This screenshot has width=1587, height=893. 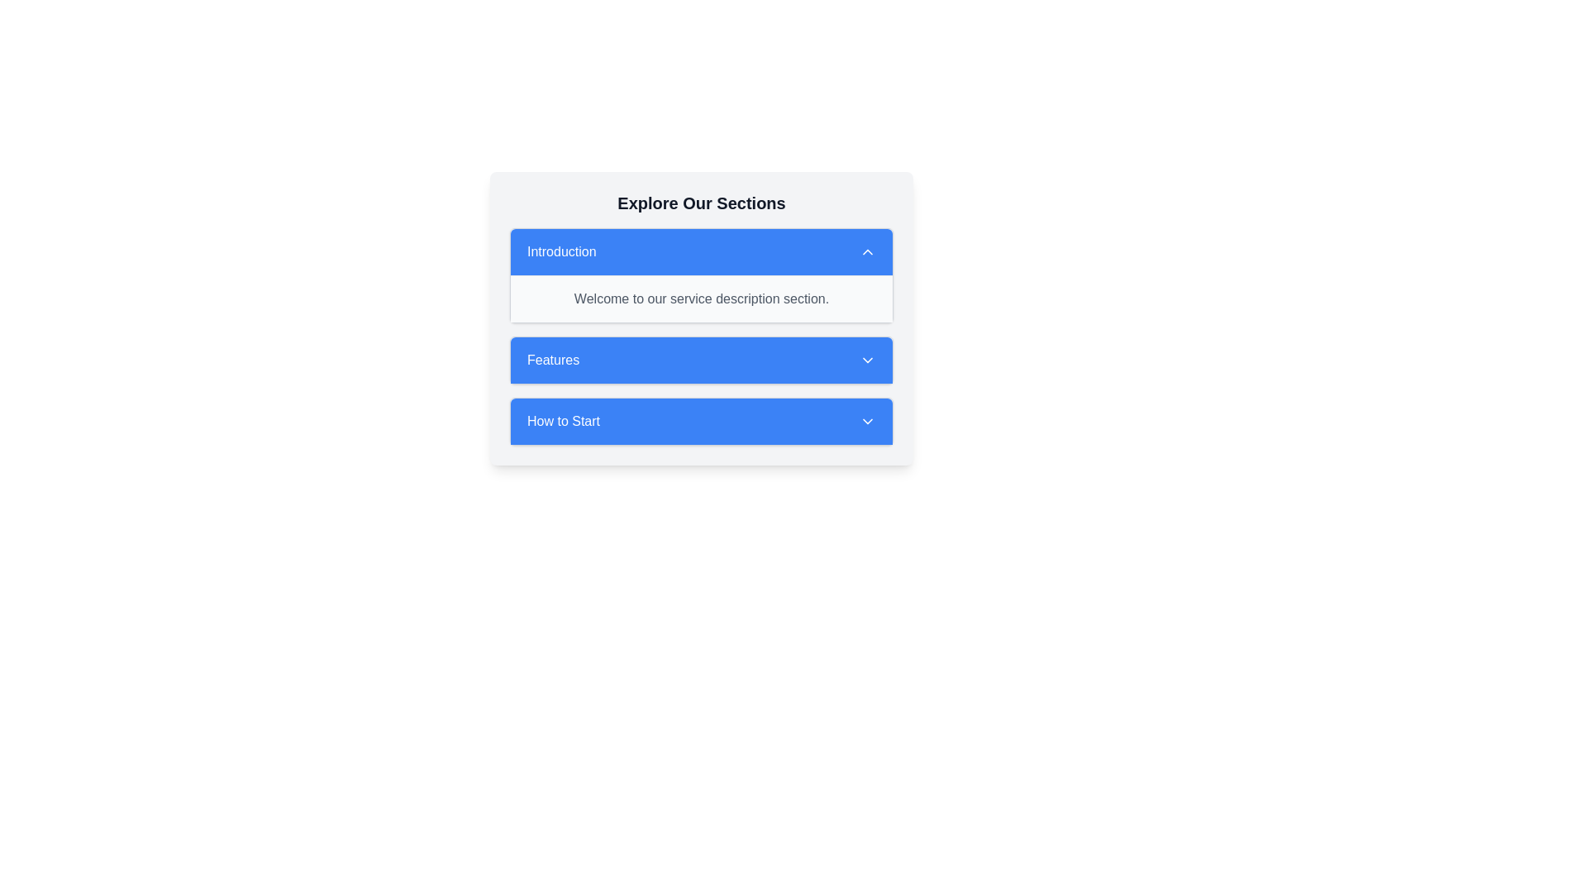 I want to click on static text label displaying the word 'Introduction' which is bold and located in the upper-left corner of the blue header bar, so click(x=561, y=251).